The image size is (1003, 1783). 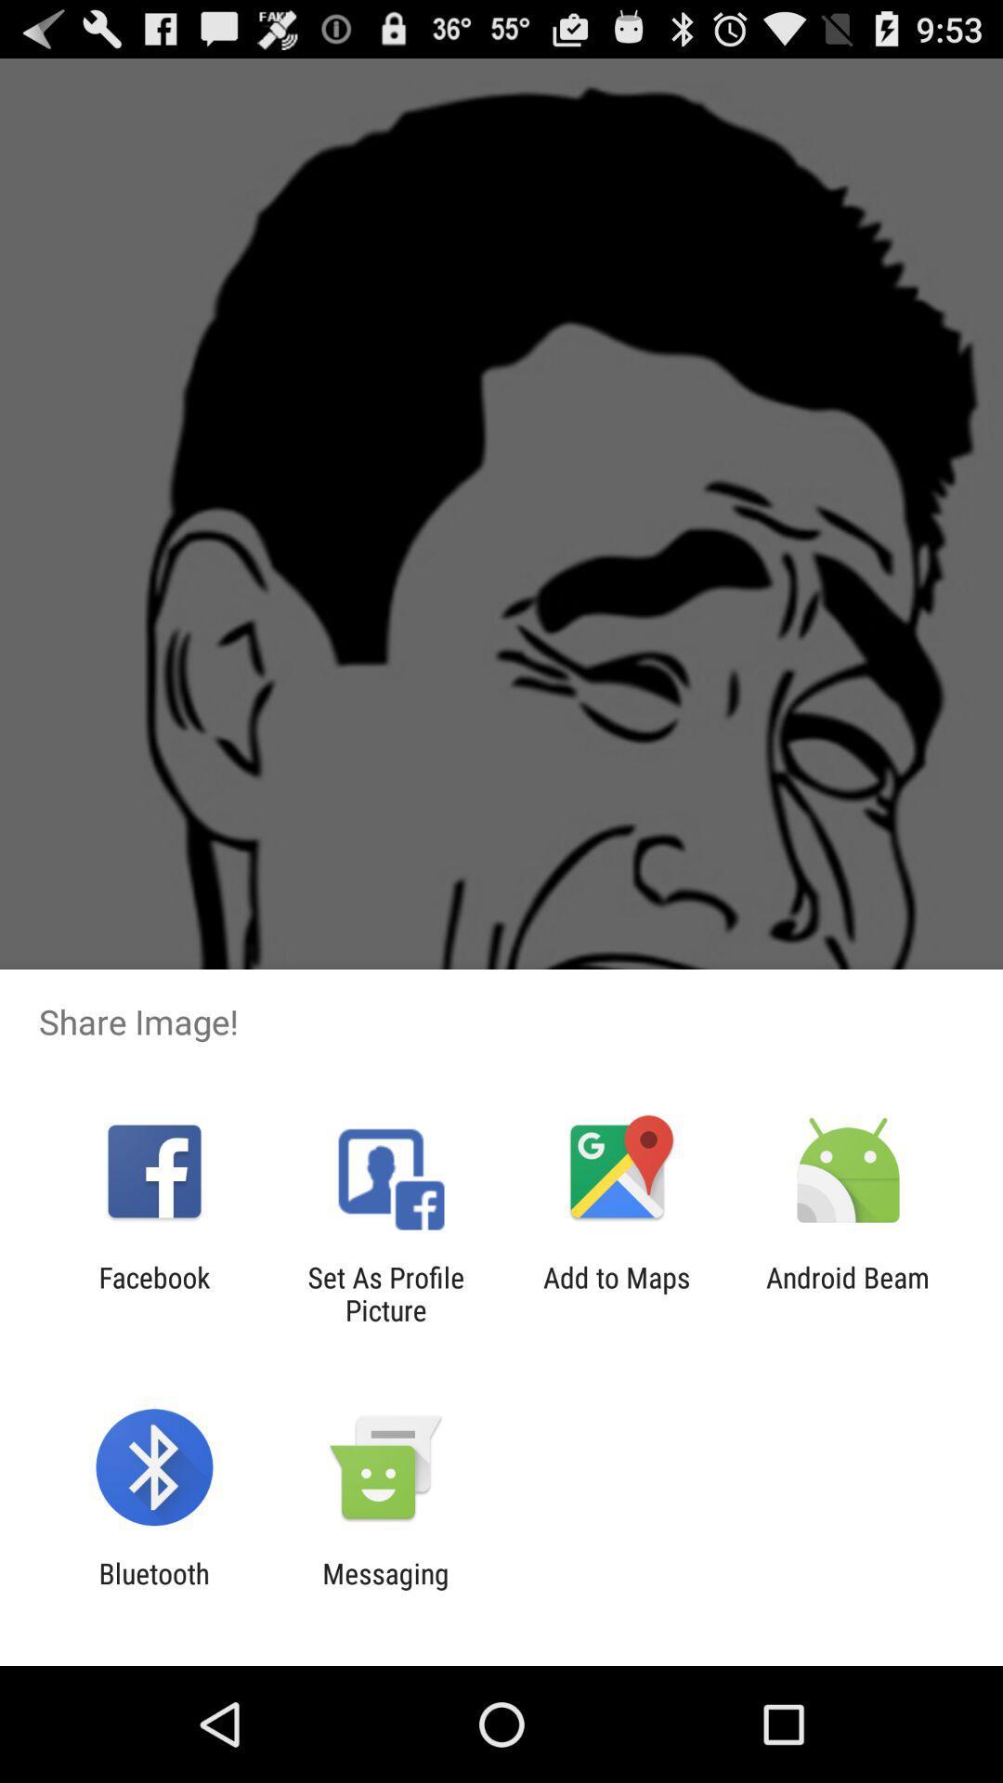 What do you see at coordinates (617, 1293) in the screenshot?
I see `the app to the right of set as profile app` at bounding box center [617, 1293].